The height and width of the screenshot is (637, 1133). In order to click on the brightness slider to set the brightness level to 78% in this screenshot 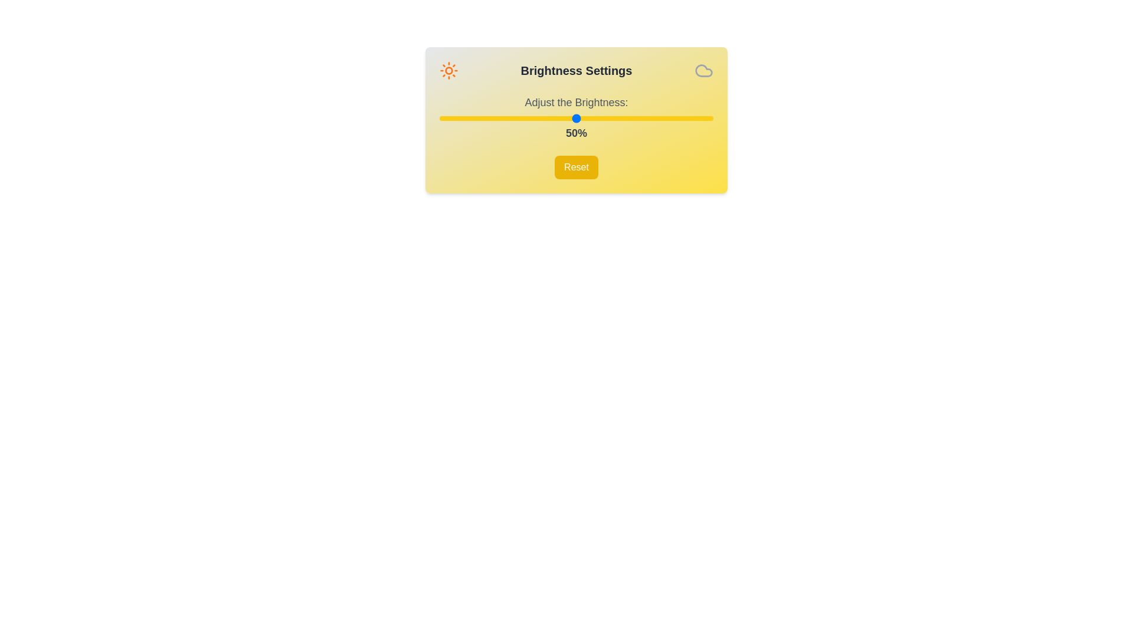, I will do `click(652, 118)`.